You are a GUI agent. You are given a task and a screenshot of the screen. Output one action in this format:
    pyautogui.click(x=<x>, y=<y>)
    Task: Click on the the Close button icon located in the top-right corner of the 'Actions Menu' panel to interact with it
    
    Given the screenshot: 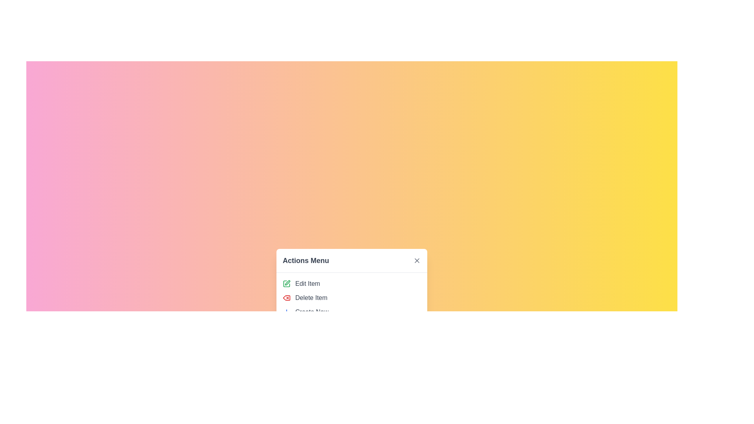 What is the action you would take?
    pyautogui.click(x=416, y=260)
    